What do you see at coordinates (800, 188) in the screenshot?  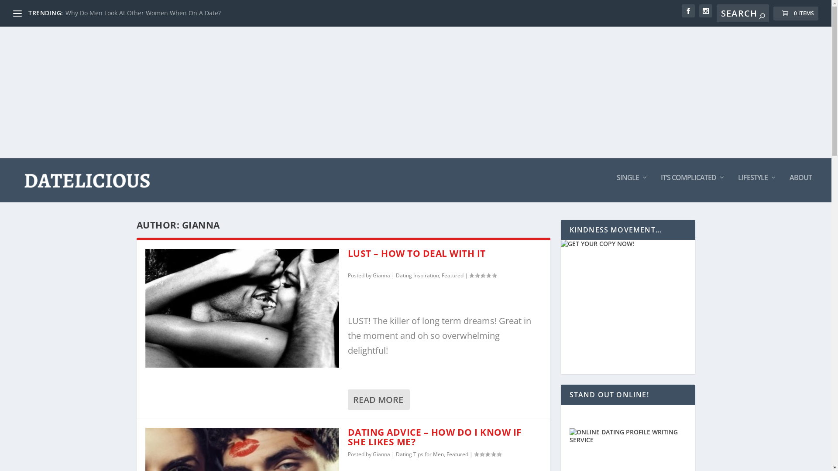 I see `'ABOUT'` at bounding box center [800, 188].